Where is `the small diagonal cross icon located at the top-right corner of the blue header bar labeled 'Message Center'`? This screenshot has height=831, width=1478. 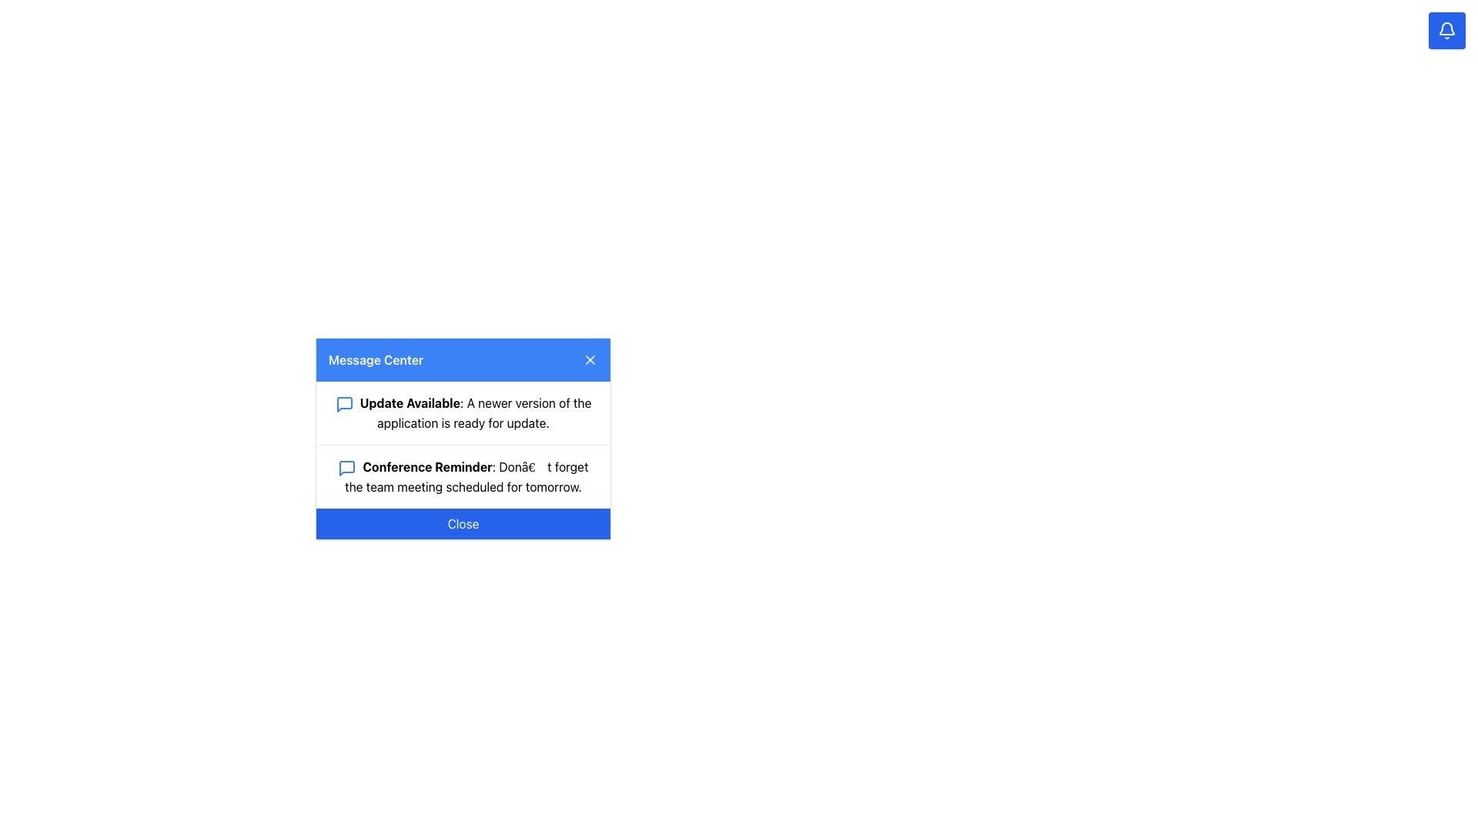 the small diagonal cross icon located at the top-right corner of the blue header bar labeled 'Message Center' is located at coordinates (590, 359).